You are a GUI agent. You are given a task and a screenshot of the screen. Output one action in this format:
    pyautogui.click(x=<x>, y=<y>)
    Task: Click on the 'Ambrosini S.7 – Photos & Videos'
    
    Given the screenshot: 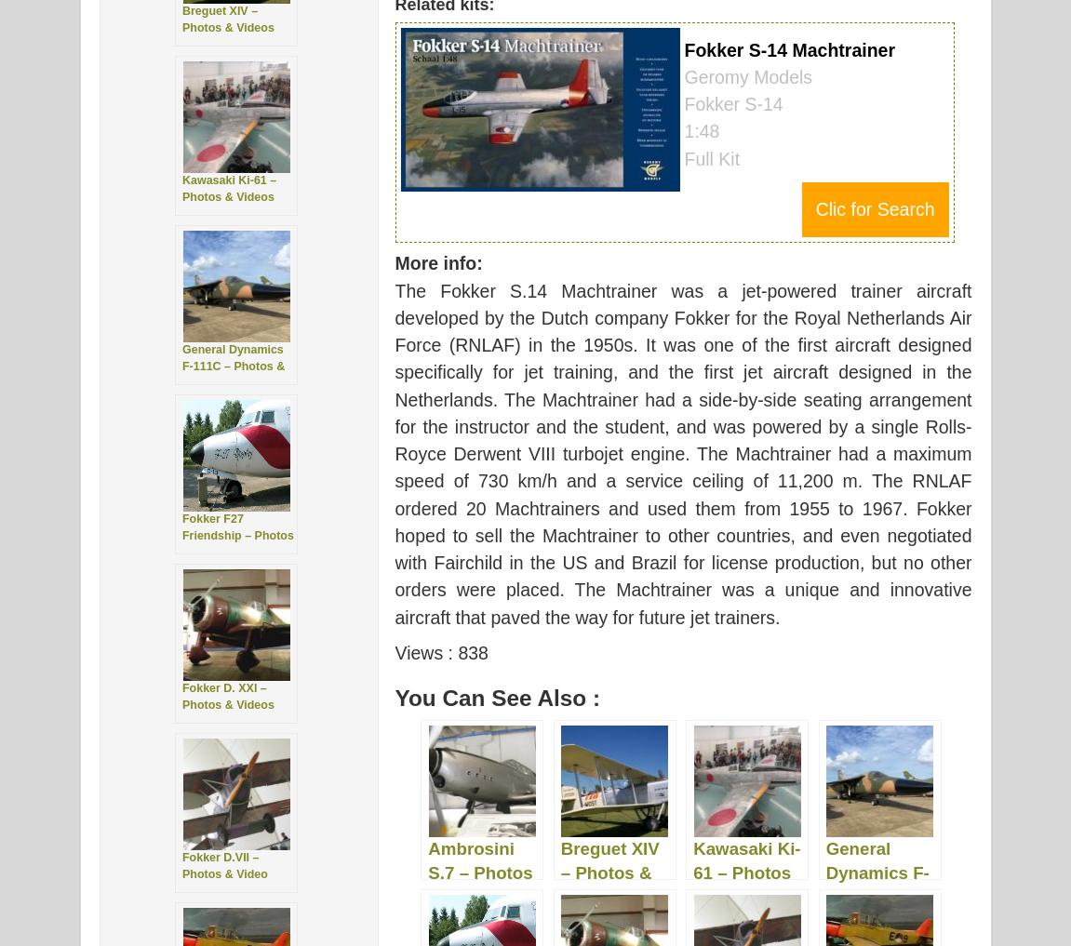 What is the action you would take?
    pyautogui.click(x=478, y=871)
    